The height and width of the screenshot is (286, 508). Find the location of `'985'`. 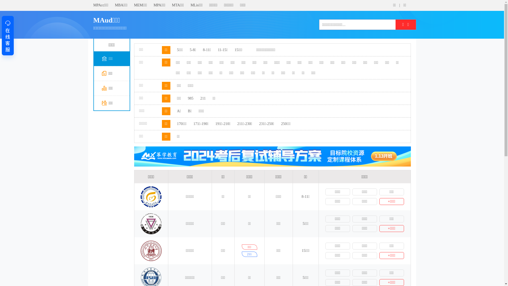

'985' is located at coordinates (190, 98).